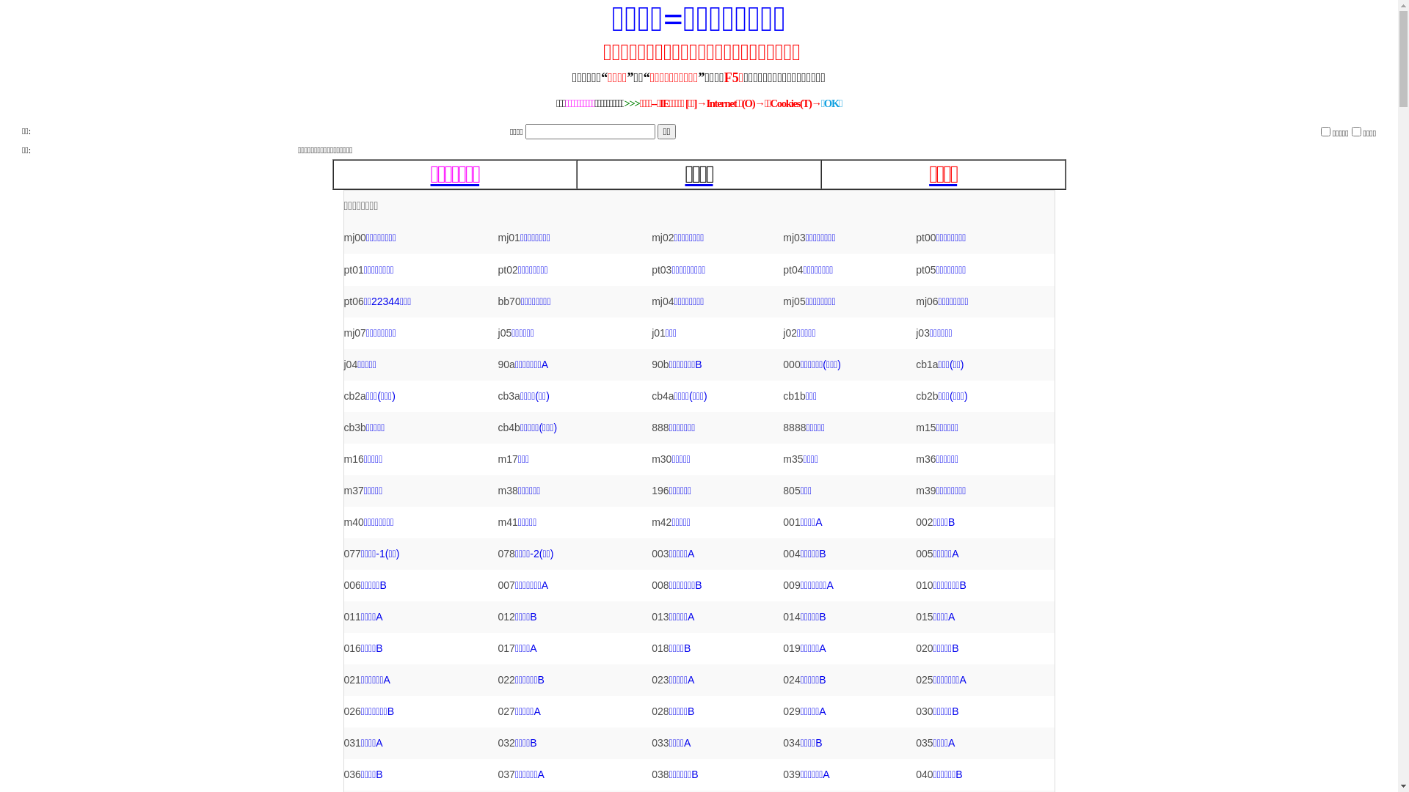 The height and width of the screenshot is (792, 1409). What do you see at coordinates (659, 710) in the screenshot?
I see `'028'` at bounding box center [659, 710].